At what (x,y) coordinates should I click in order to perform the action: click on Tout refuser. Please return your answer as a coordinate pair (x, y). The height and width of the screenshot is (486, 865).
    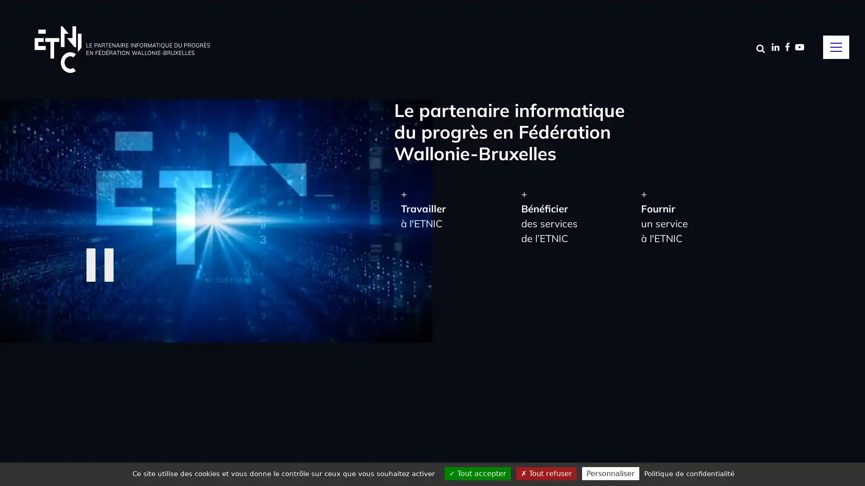
    Looking at the image, I should click on (546, 473).